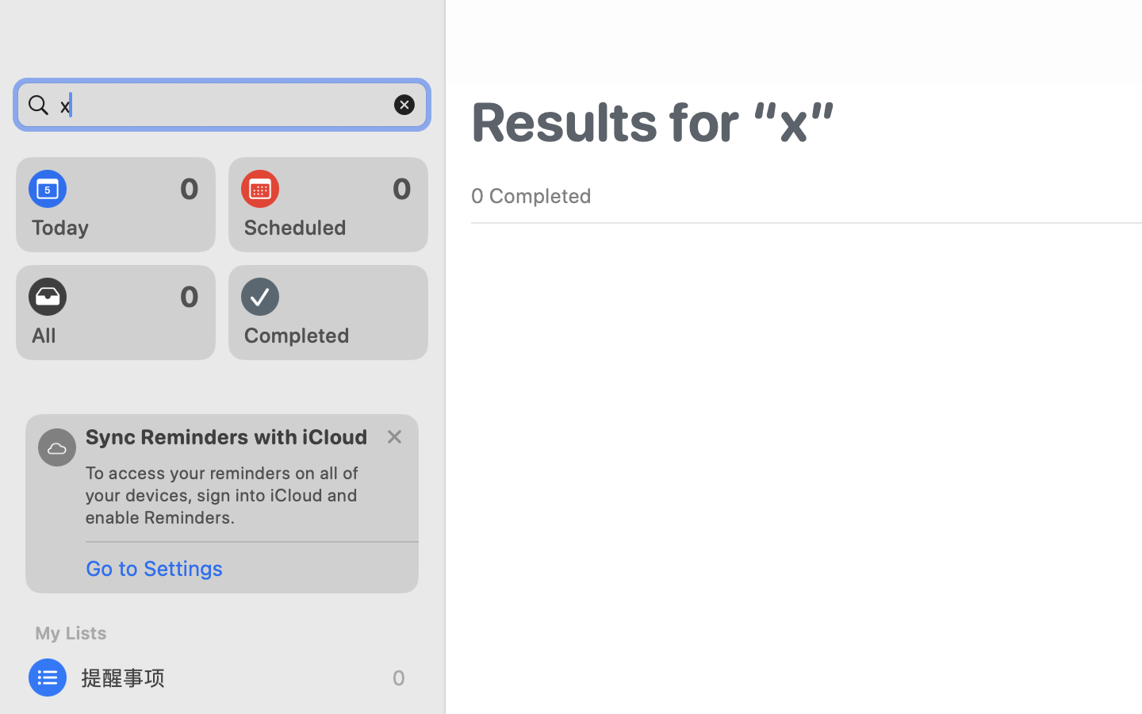  Describe the element at coordinates (225, 435) in the screenshot. I see `'Sync Reminders with iCloud'` at that location.